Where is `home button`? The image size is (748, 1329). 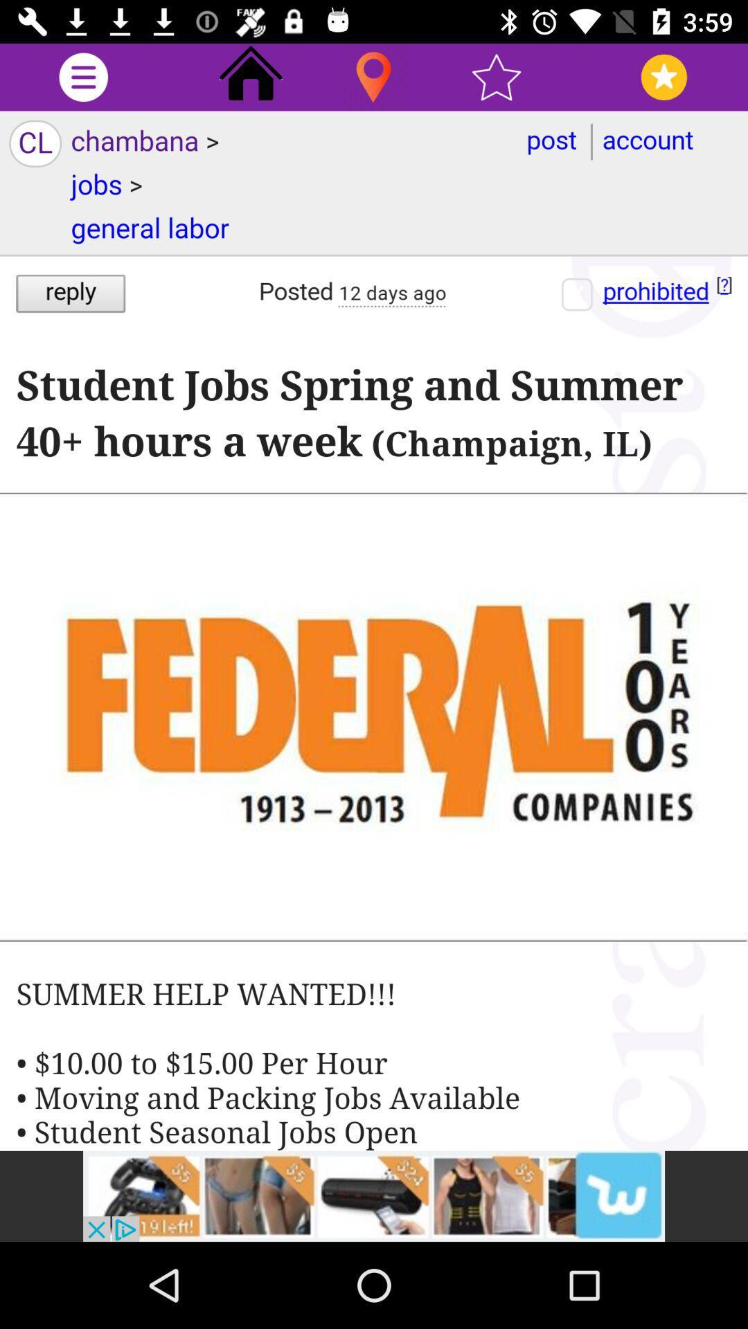 home button is located at coordinates (251, 76).